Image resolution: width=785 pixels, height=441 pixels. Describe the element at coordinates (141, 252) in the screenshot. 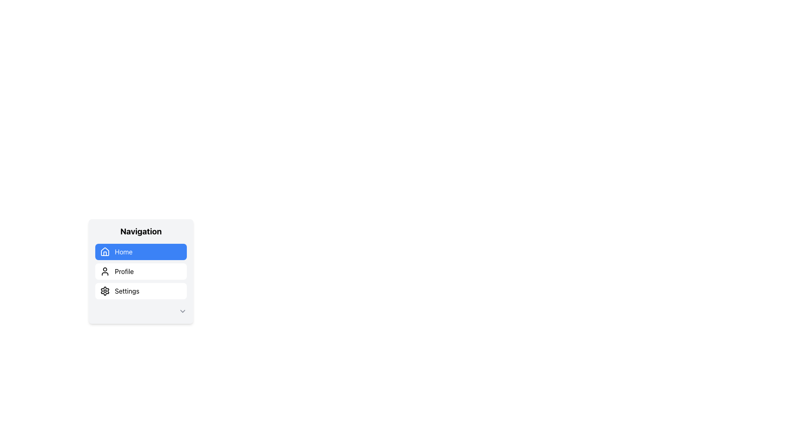

I see `the navigation button located below the 'Navigation' heading in the vertical menu for keyboard interaction` at that location.